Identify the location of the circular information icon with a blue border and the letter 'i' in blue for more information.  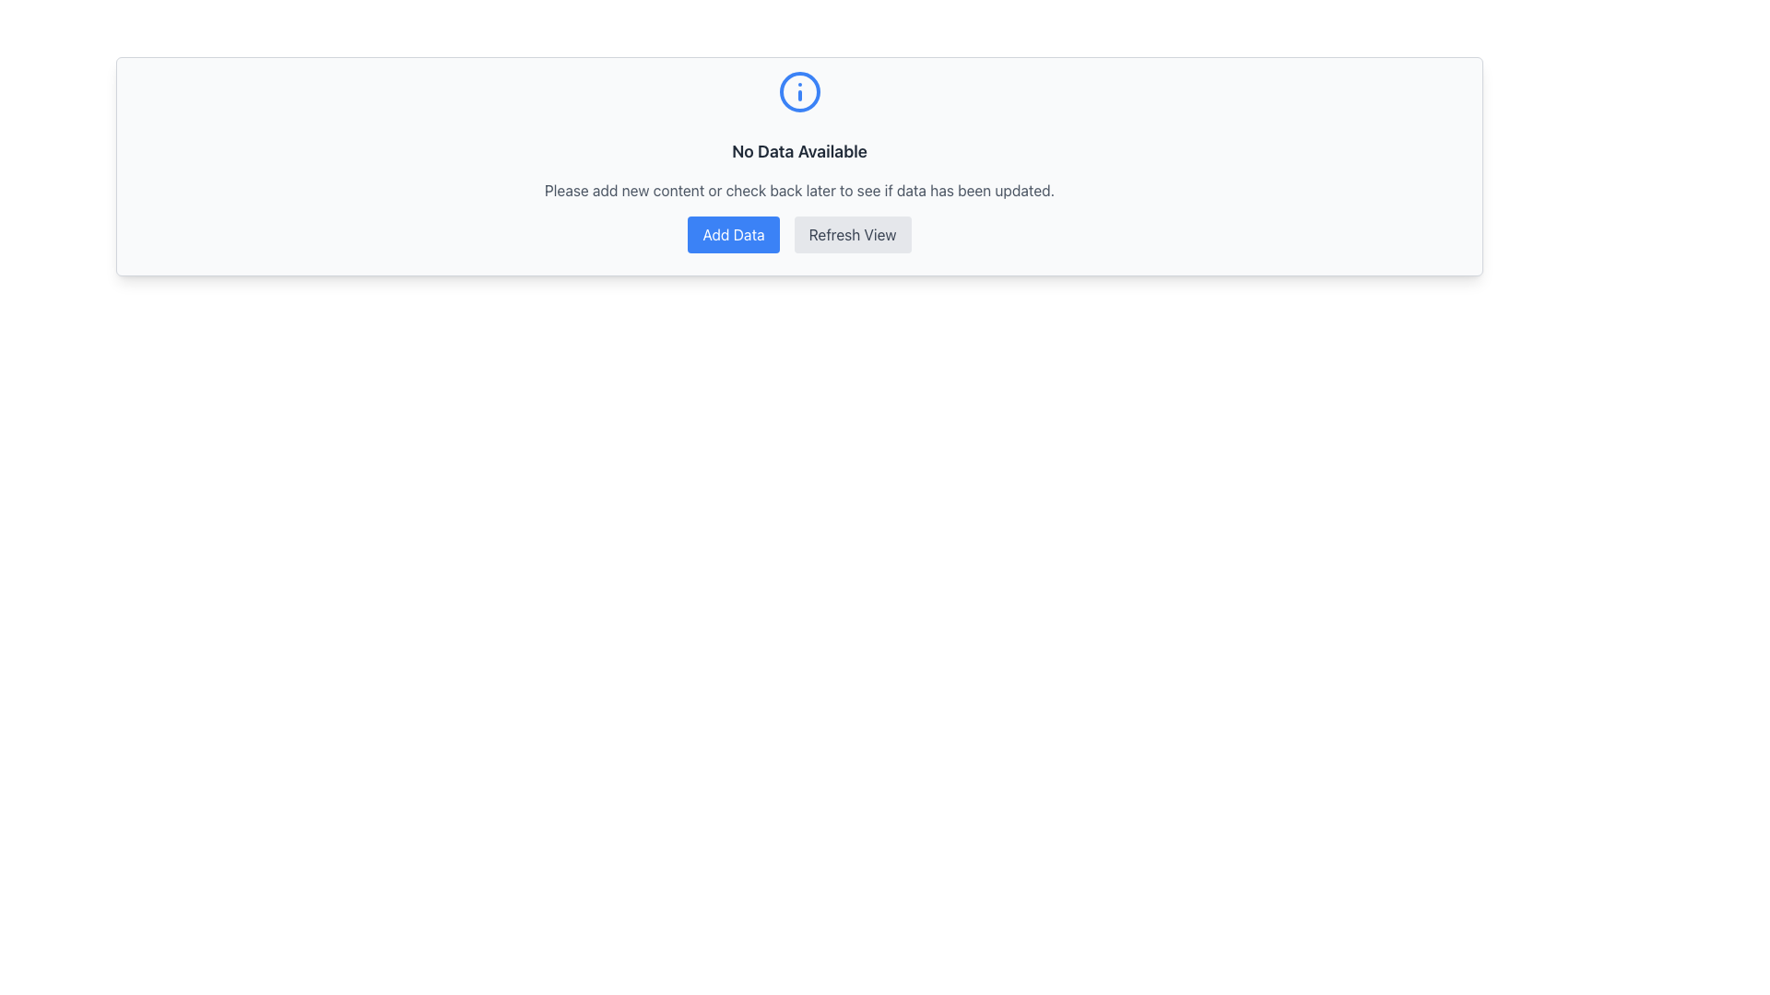
(799, 100).